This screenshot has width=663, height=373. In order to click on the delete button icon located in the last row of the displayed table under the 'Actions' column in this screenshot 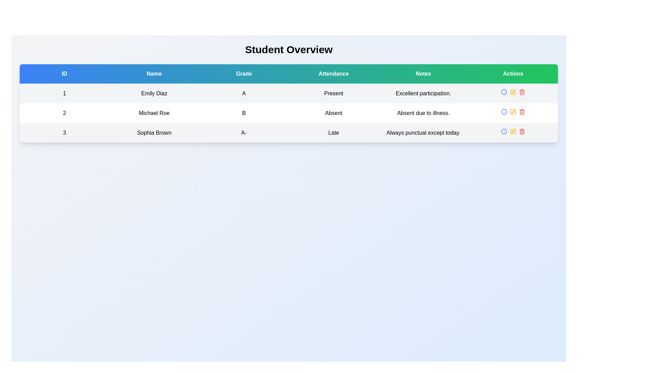, I will do `click(522, 92)`.